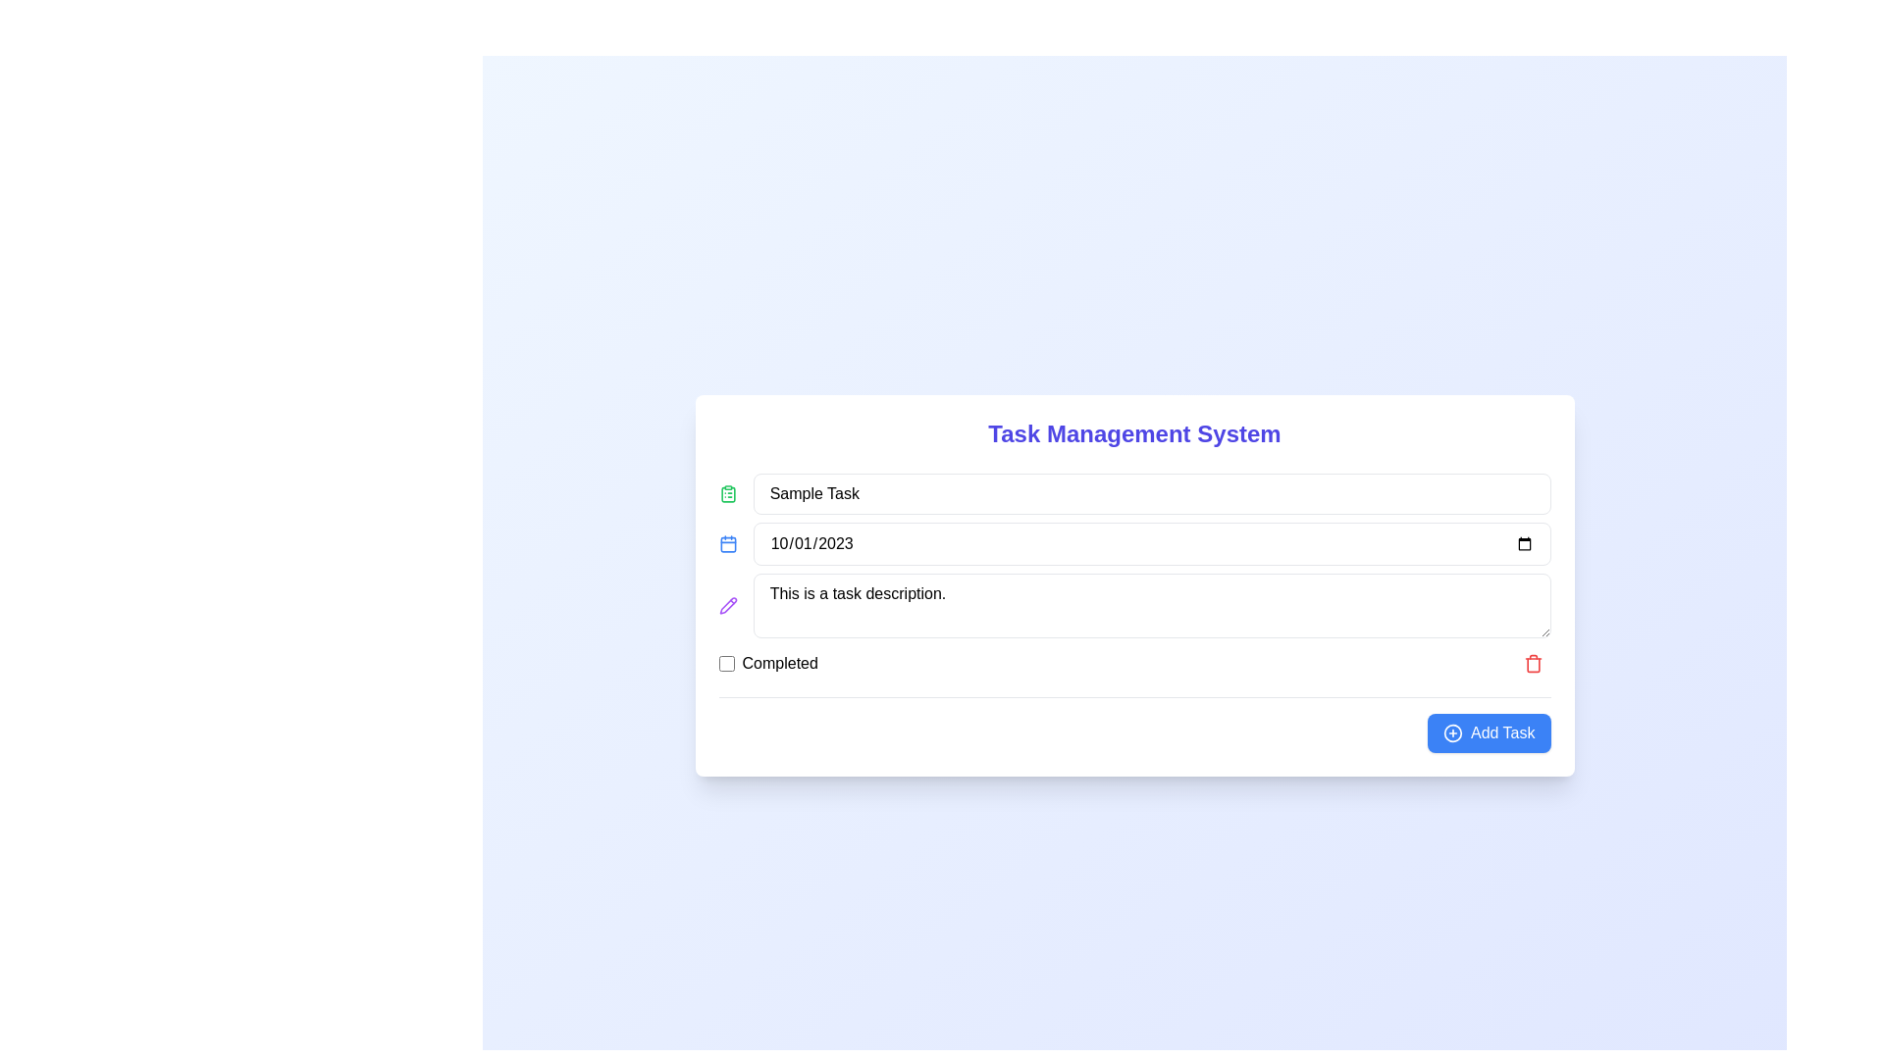 This screenshot has height=1059, width=1884. What do you see at coordinates (767, 662) in the screenshot?
I see `the checkbox labeled 'Completed'` at bounding box center [767, 662].